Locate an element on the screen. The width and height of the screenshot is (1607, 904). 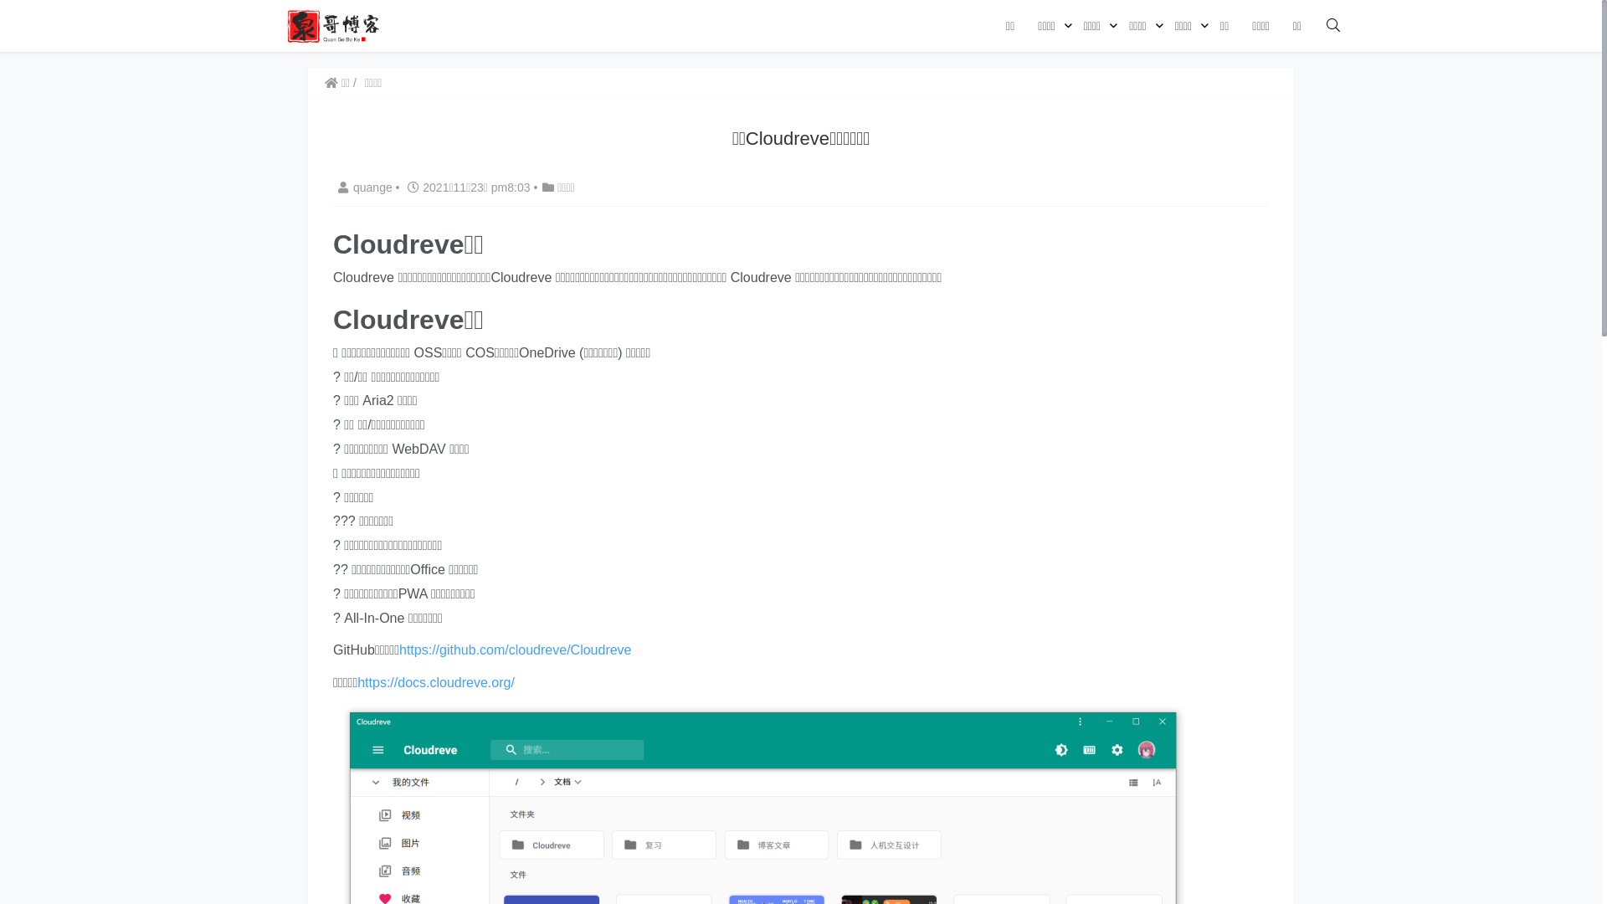
'https://github.com/cloudreve/Cloudreve' is located at coordinates (514, 649).